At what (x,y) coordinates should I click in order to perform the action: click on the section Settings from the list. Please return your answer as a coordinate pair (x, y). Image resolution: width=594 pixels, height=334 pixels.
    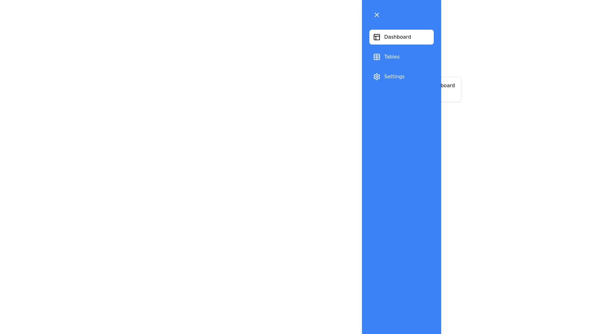
    Looking at the image, I should click on (401, 76).